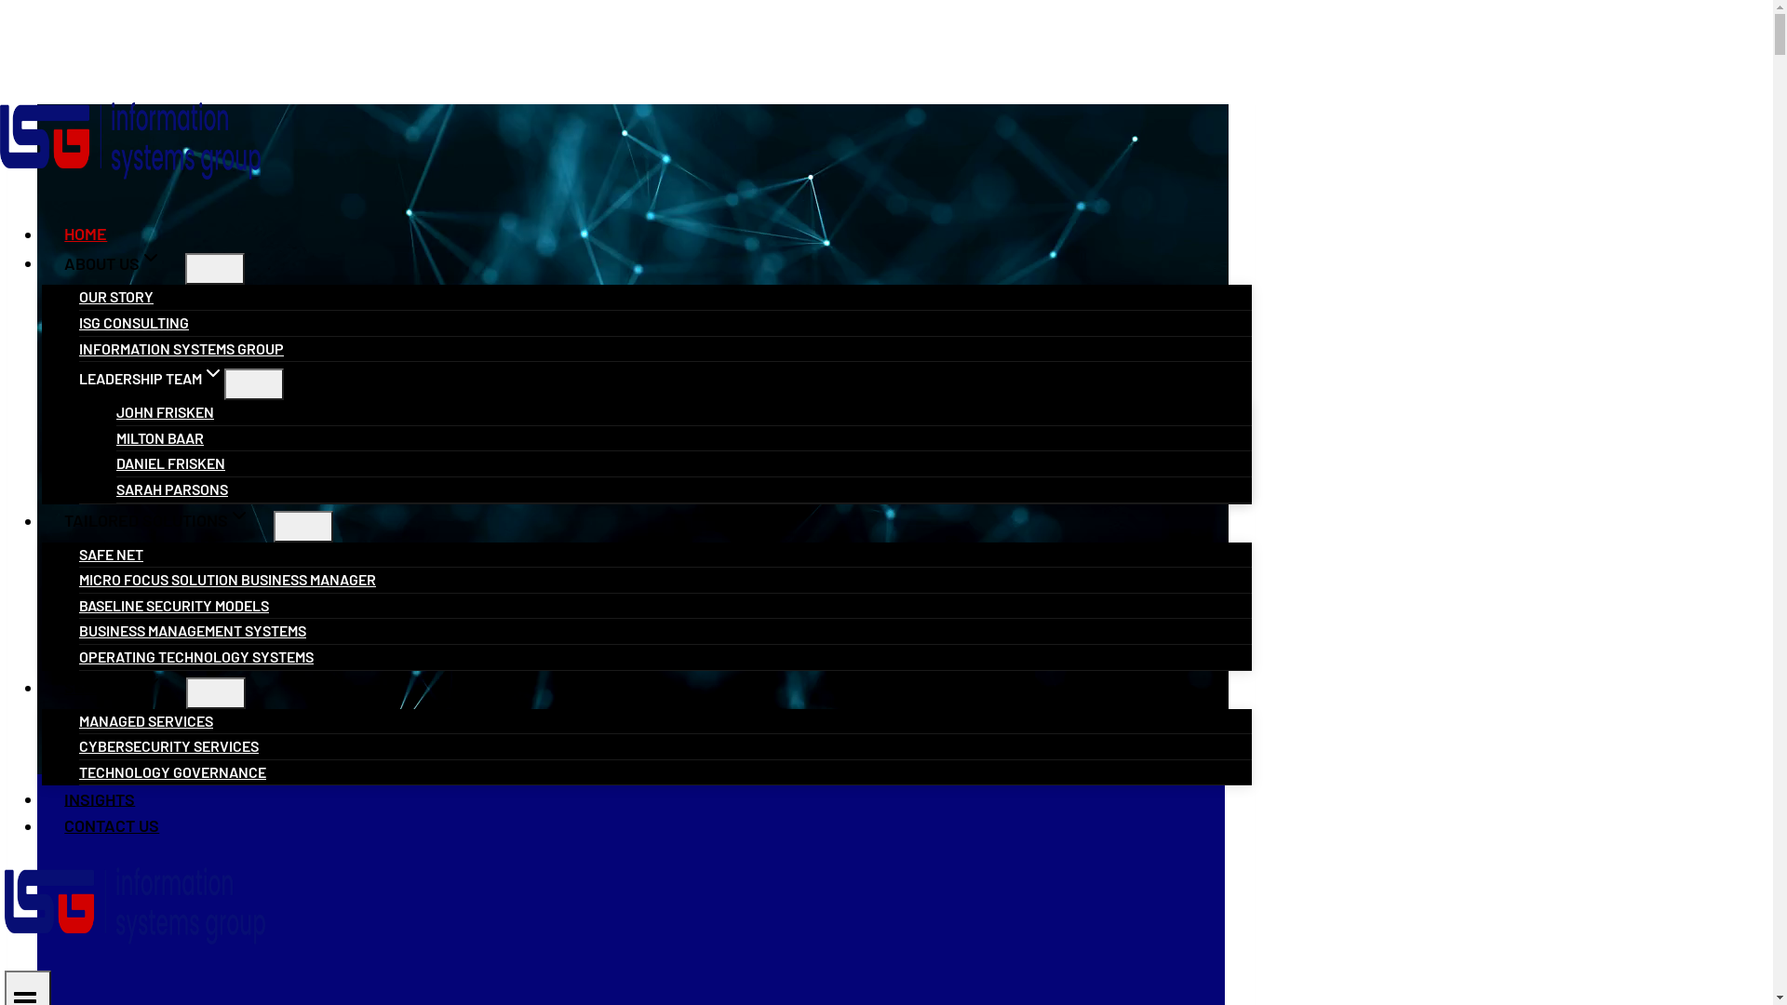 This screenshot has height=1005, width=1787. I want to click on 'MILTON BAAR', so click(114, 437).